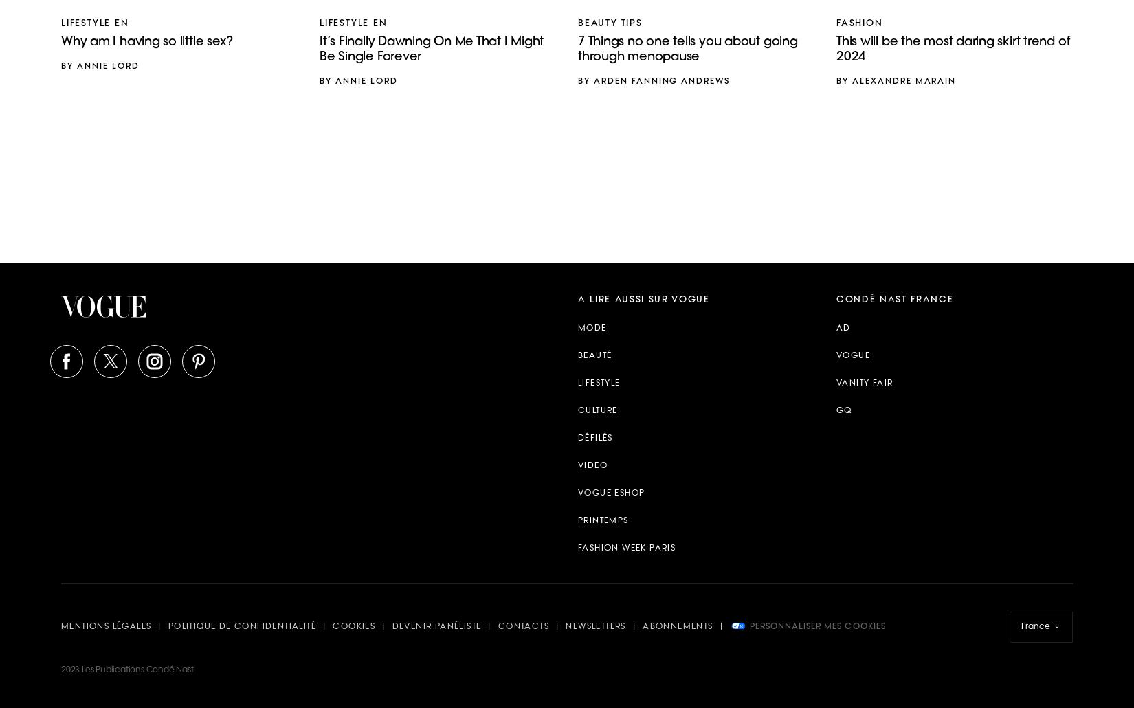 This screenshot has width=1134, height=708. Describe the element at coordinates (435, 626) in the screenshot. I see `'Devenir panéliste'` at that location.